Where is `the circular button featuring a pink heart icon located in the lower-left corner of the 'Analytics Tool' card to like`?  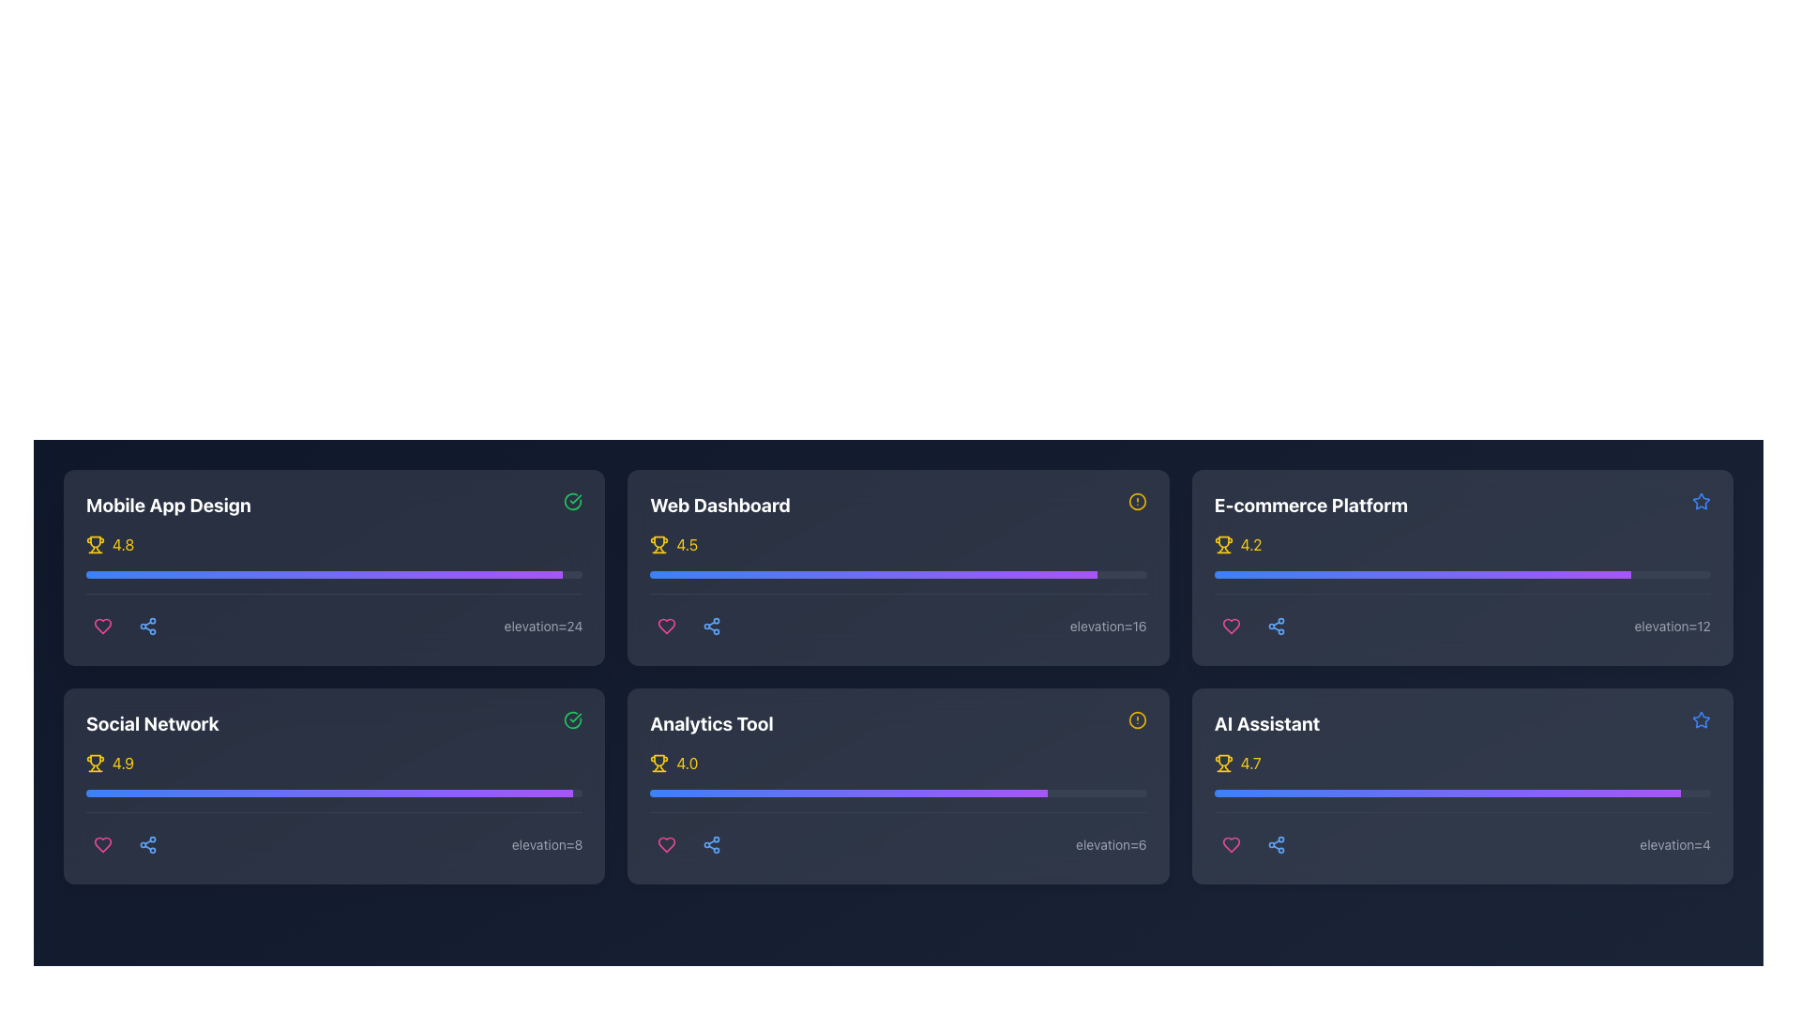 the circular button featuring a pink heart icon located in the lower-left corner of the 'Analytics Tool' card to like is located at coordinates (666, 845).